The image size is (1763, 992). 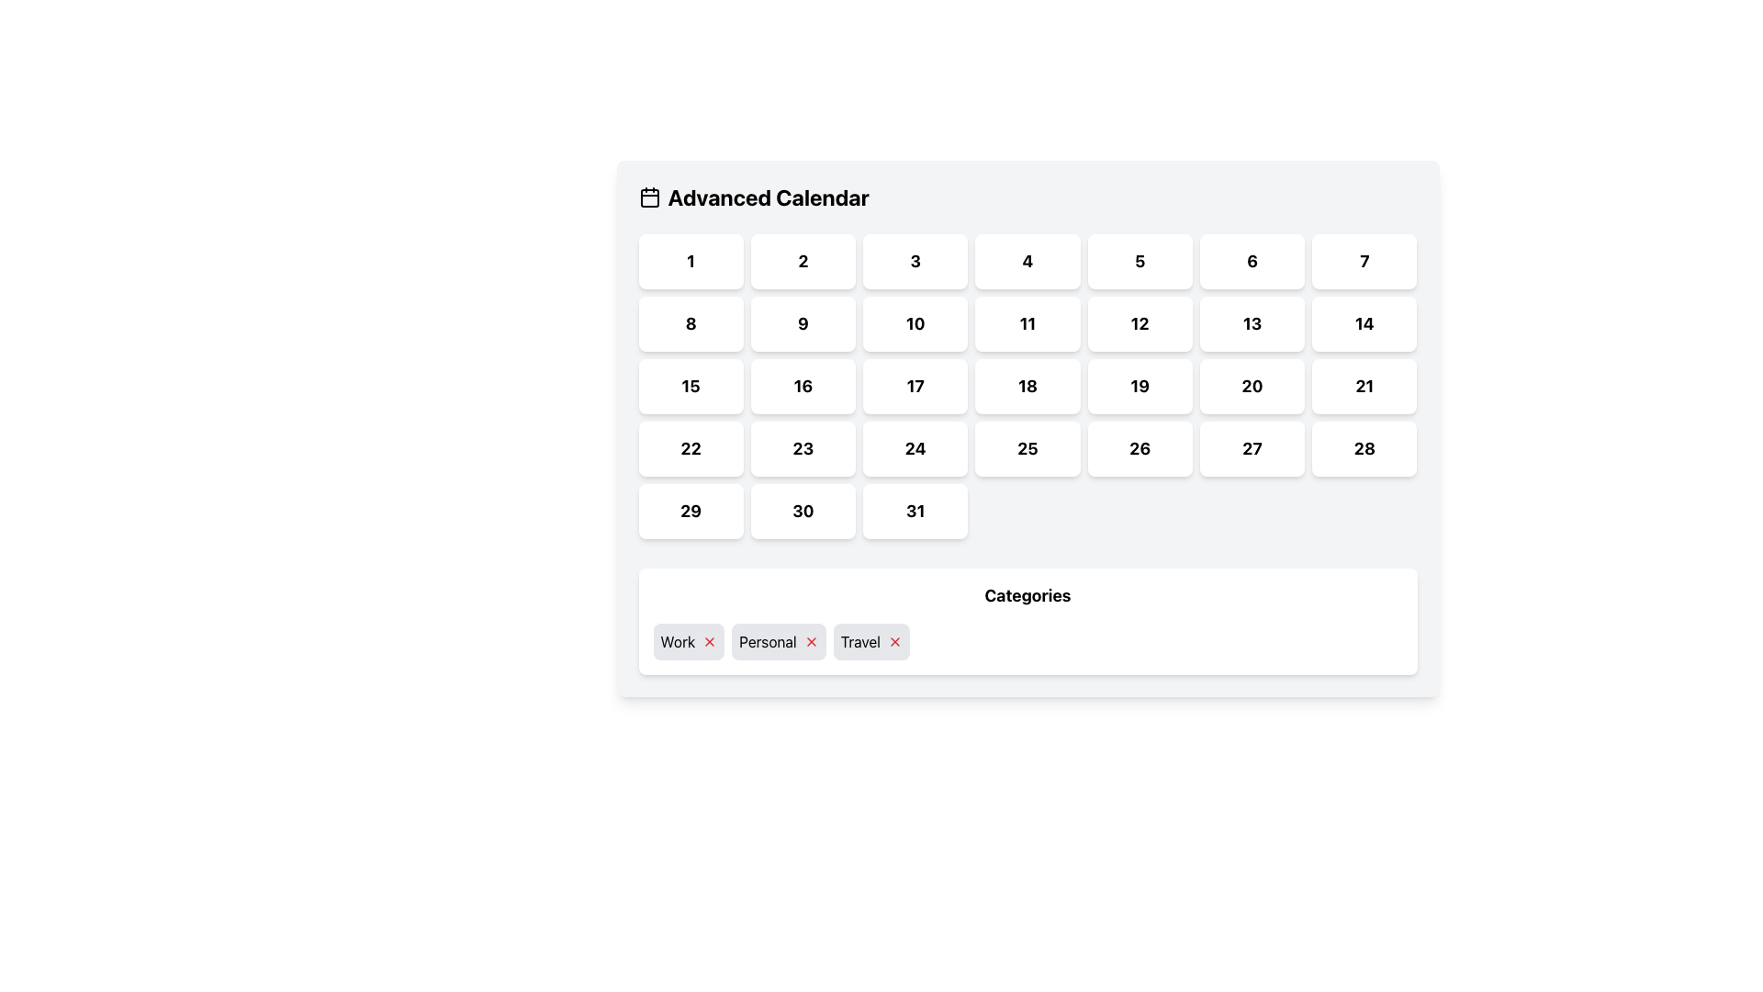 What do you see at coordinates (803, 448) in the screenshot?
I see `the bold number '23' displayed in a white, rounded rectangular box` at bounding box center [803, 448].